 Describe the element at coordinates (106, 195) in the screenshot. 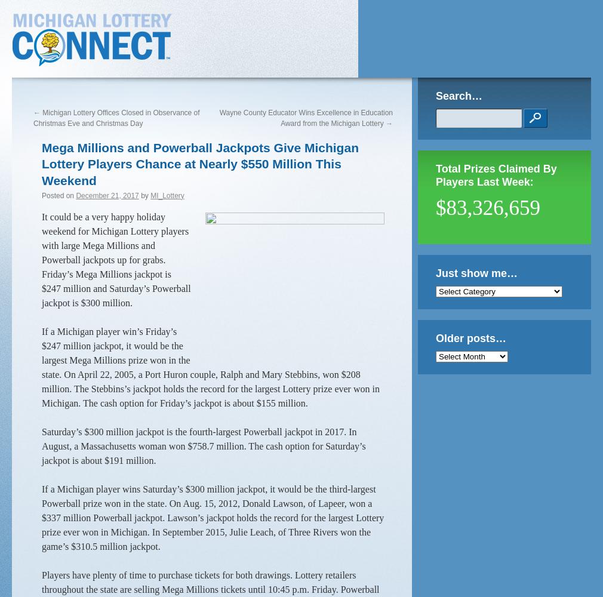

I see `'December 21, 2017'` at that location.